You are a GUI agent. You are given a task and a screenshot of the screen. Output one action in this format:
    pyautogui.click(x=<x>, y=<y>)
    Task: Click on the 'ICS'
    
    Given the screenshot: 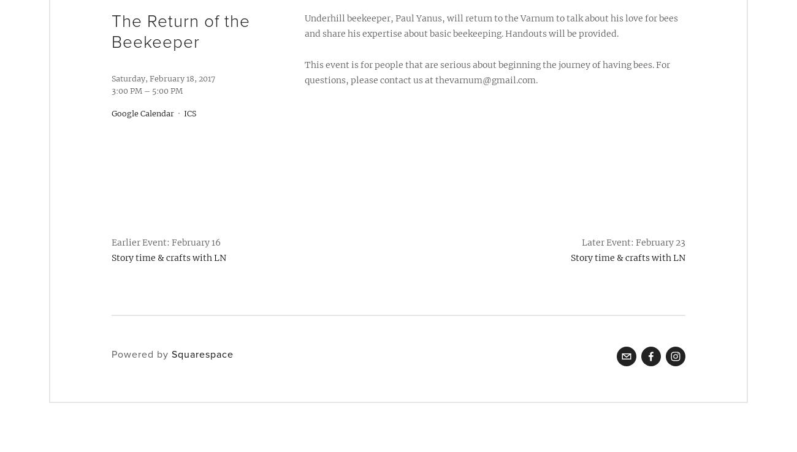 What is the action you would take?
    pyautogui.click(x=190, y=113)
    